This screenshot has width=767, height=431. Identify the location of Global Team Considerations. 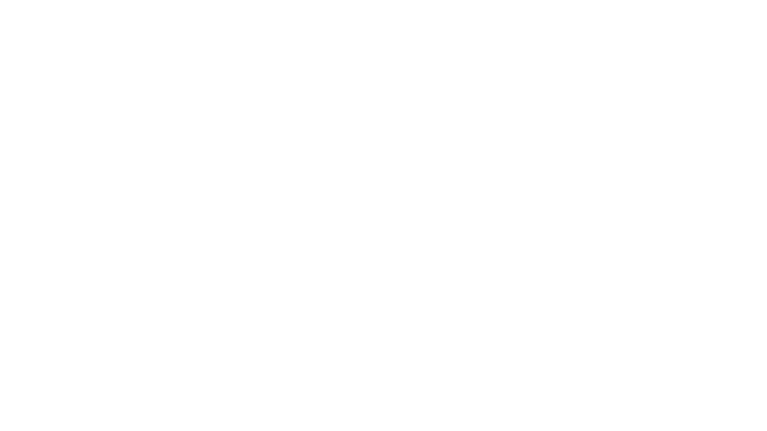
(383, 181).